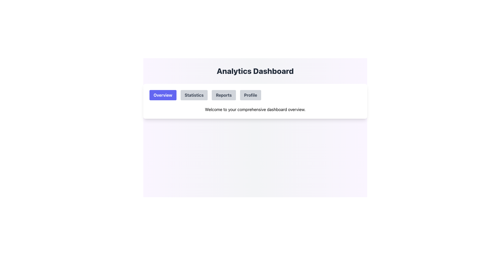 This screenshot has height=277, width=494. Describe the element at coordinates (251, 95) in the screenshot. I see `the profile navigation button, which is the fourth button in the row below the 'Analytics Dashboard' title, located to the right of the 'Reports' button` at that location.